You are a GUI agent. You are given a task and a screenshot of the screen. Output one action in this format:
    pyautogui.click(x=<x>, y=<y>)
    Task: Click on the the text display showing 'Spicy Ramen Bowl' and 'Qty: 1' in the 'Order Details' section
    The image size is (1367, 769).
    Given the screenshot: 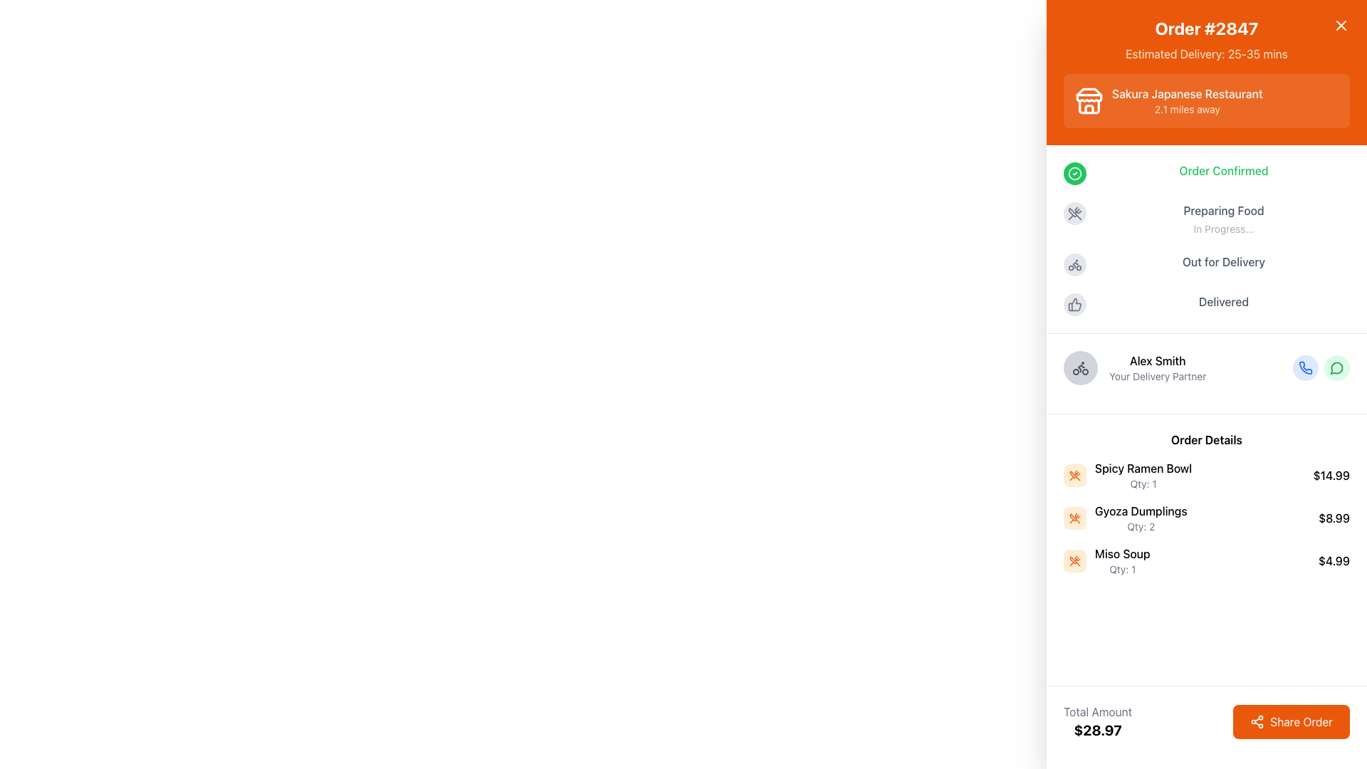 What is the action you would take?
    pyautogui.click(x=1143, y=475)
    